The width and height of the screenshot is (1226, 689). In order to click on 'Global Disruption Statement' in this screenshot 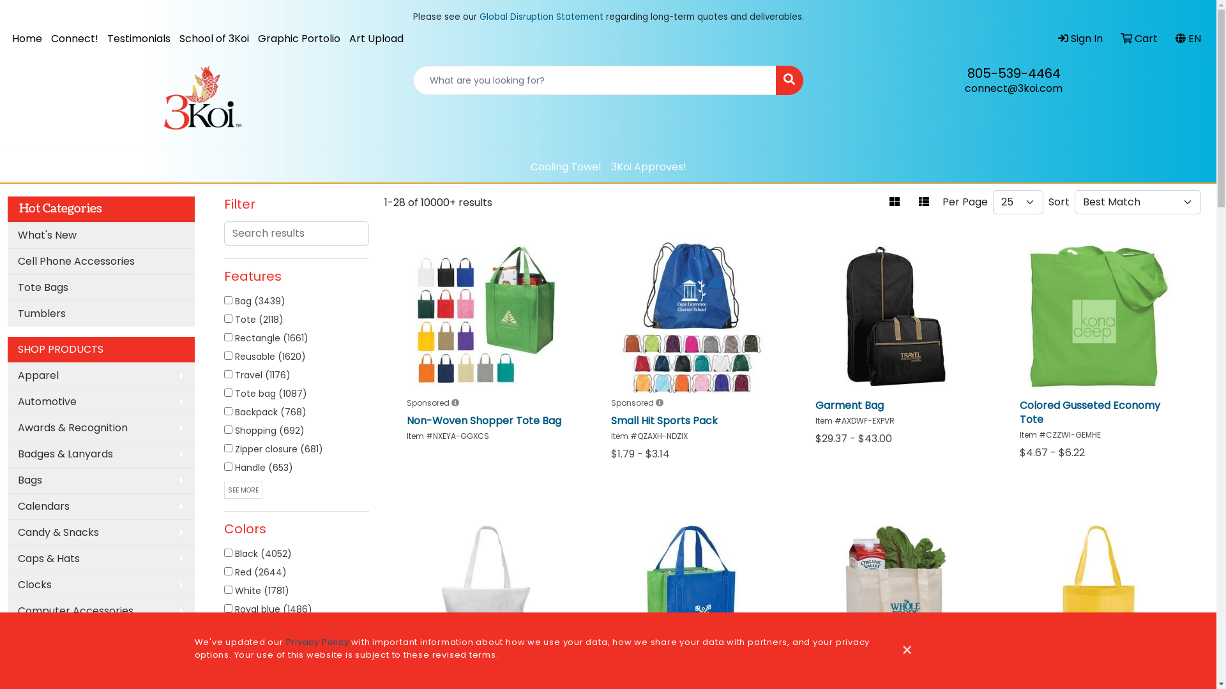, I will do `click(540, 17)`.